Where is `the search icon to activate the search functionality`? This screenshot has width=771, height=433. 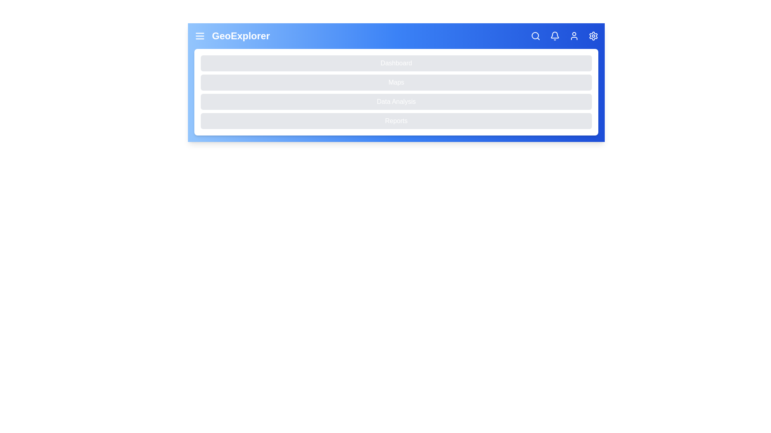 the search icon to activate the search functionality is located at coordinates (536, 35).